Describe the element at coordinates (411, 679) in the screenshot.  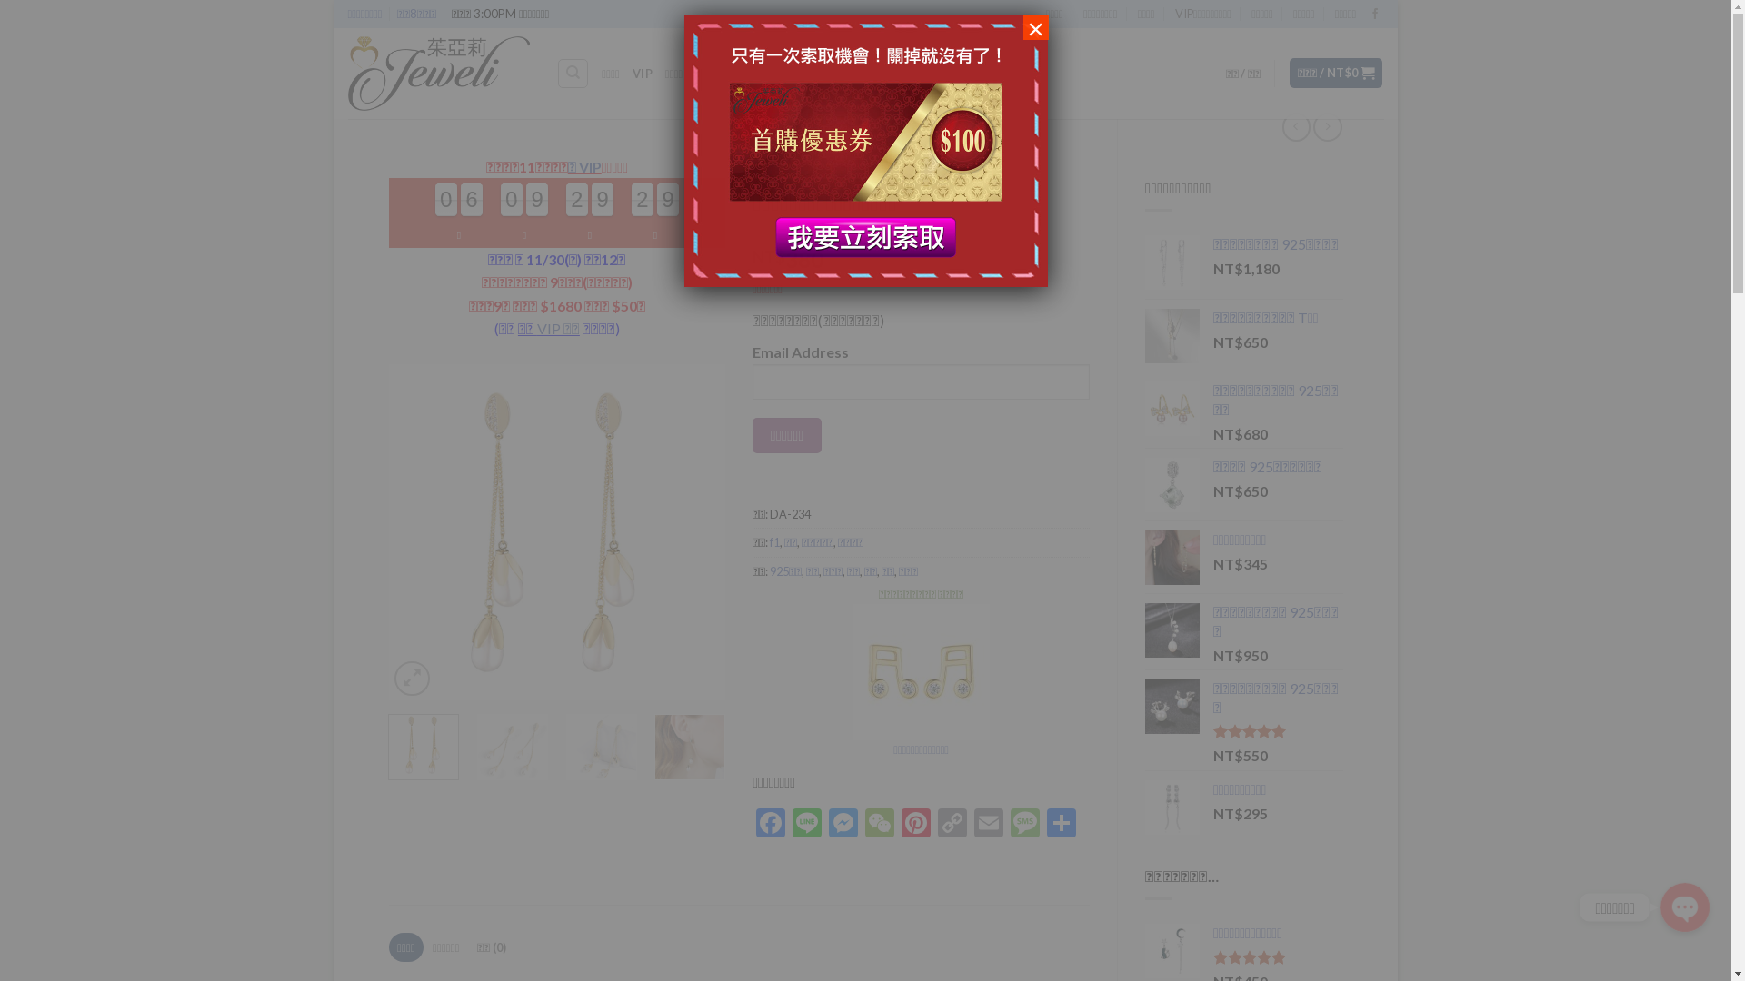
I see `'Zoom'` at that location.